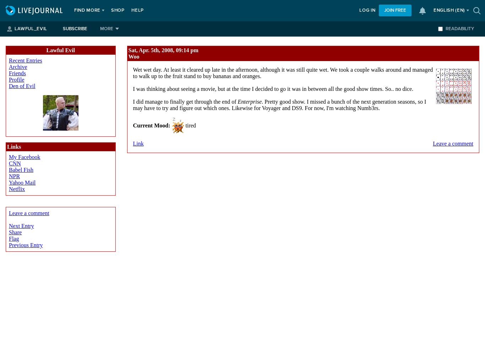 The height and width of the screenshot is (355, 485). Describe the element at coordinates (17, 73) in the screenshot. I see `'Friends'` at that location.